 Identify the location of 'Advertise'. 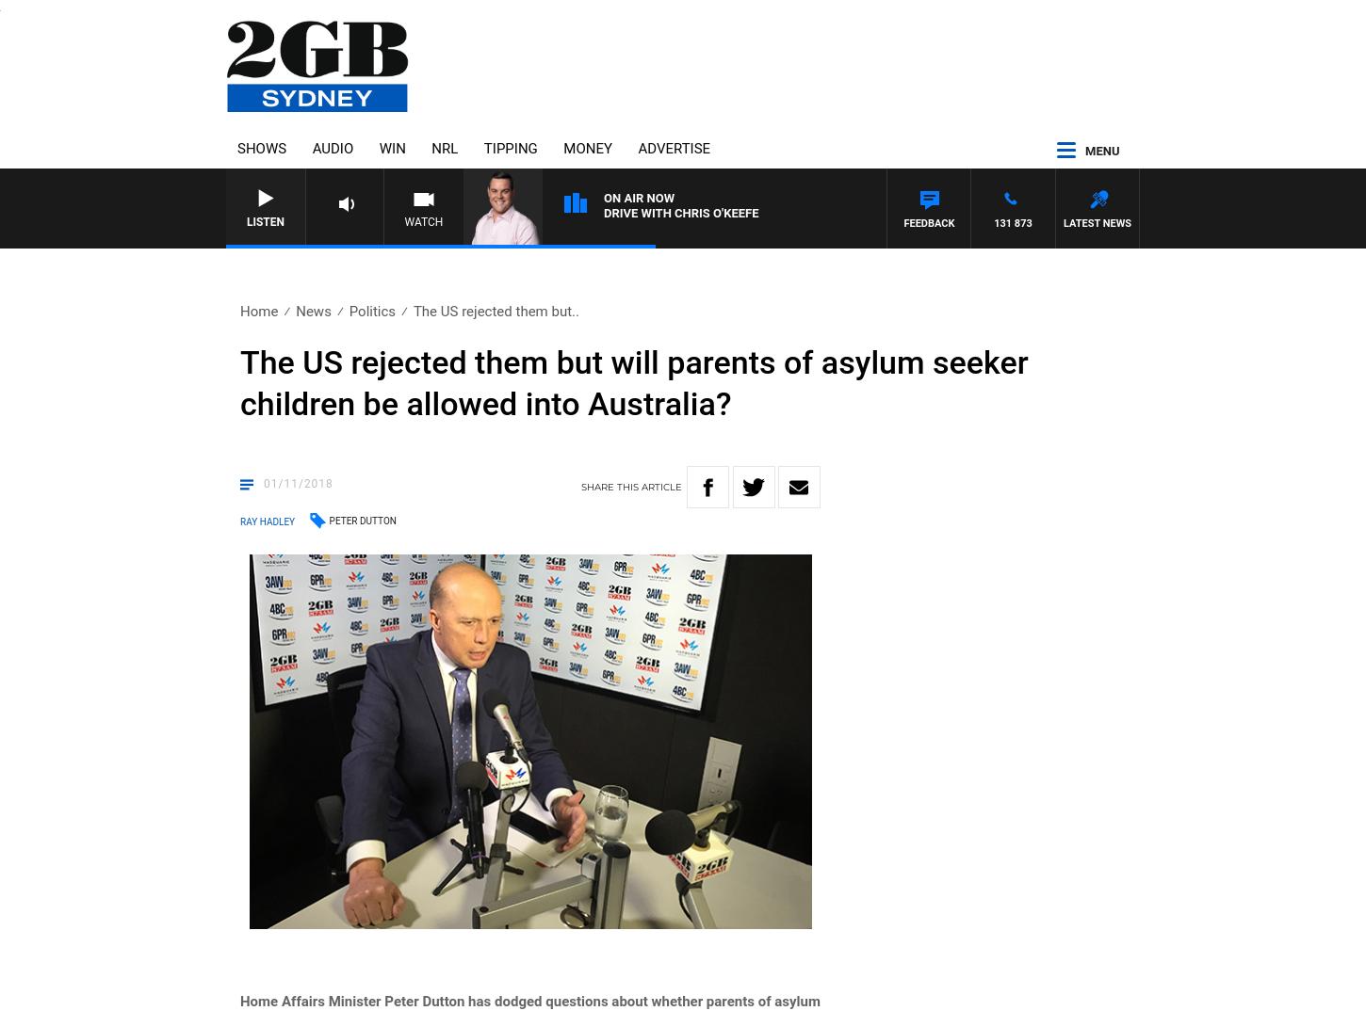
(673, 147).